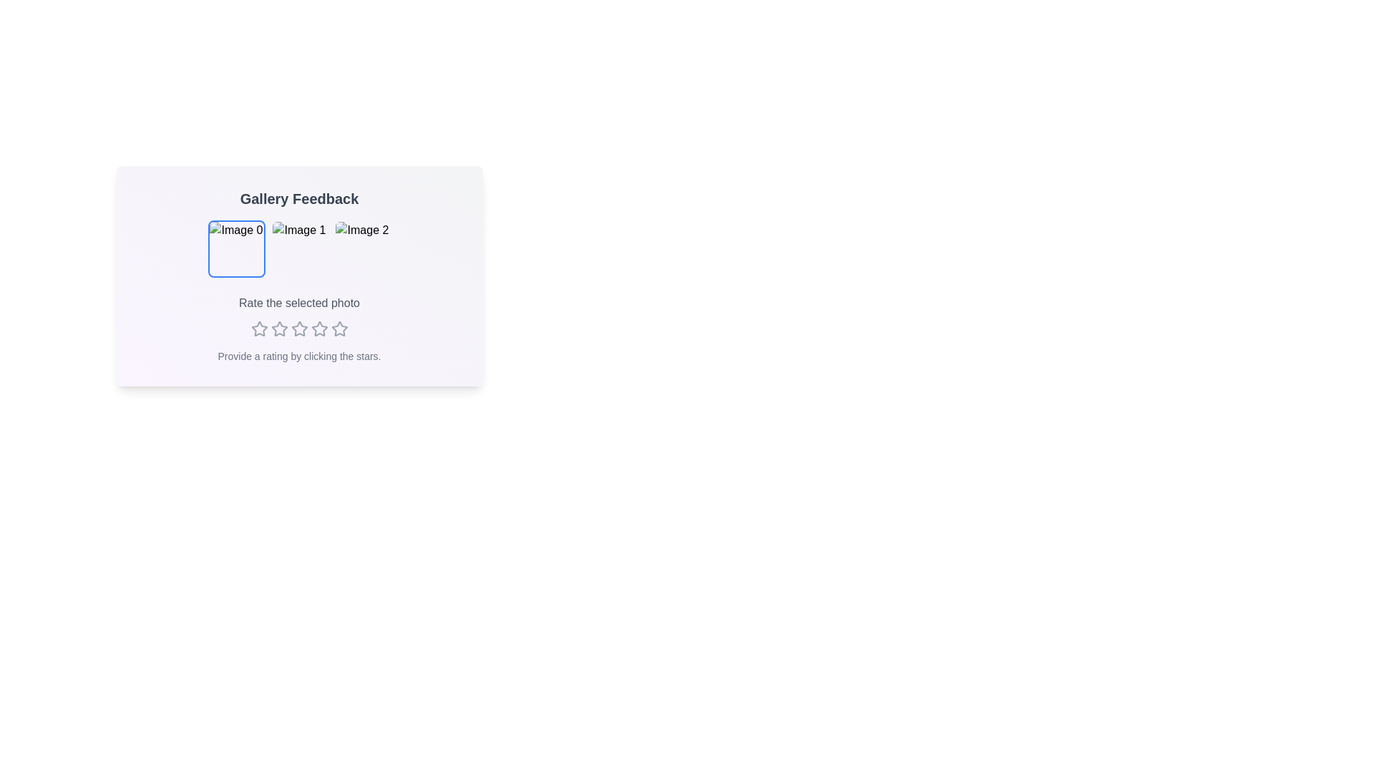 Image resolution: width=1374 pixels, height=773 pixels. I want to click on the first star in the star rating icon array to indicate a one-star rating beneath the 'Rate the selected photo' text, so click(259, 329).